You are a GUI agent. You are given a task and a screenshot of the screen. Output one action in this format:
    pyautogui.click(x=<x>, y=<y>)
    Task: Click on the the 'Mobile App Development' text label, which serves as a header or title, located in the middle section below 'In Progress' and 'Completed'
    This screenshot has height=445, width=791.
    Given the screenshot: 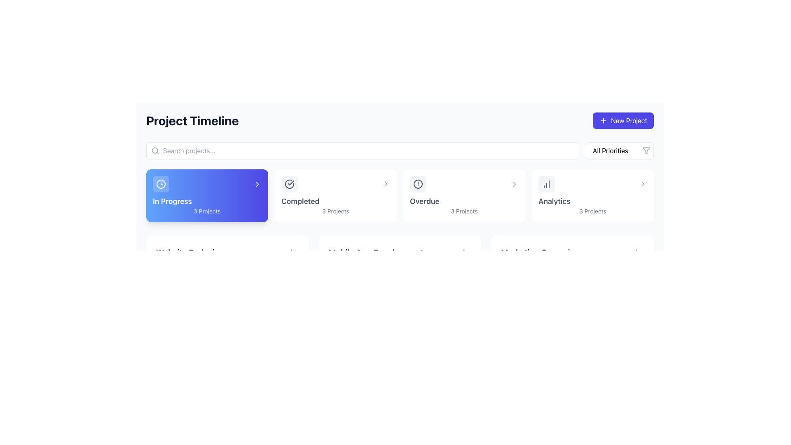 What is the action you would take?
    pyautogui.click(x=375, y=252)
    